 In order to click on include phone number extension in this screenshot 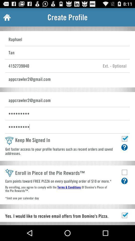, I will do `click(114, 66)`.